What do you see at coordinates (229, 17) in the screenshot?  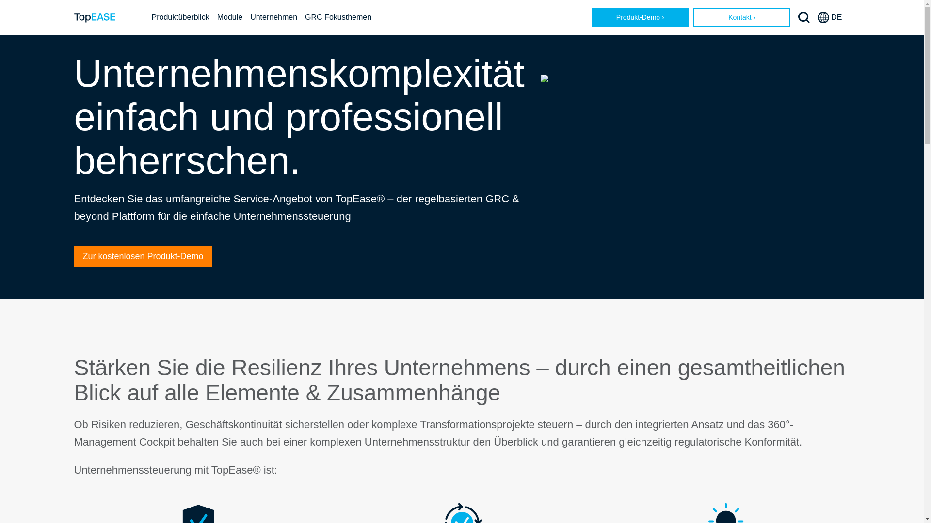 I see `'Module'` at bounding box center [229, 17].